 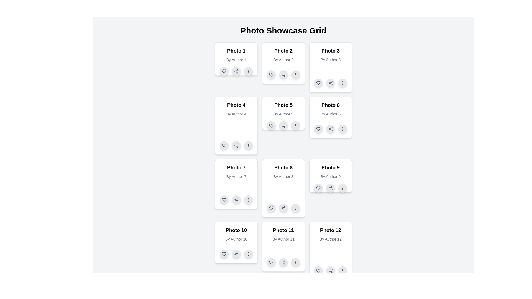 I want to click on the share button located at the bottom of the 'Photo 10' card, which is the second button in a row of three buttons, so click(x=236, y=254).